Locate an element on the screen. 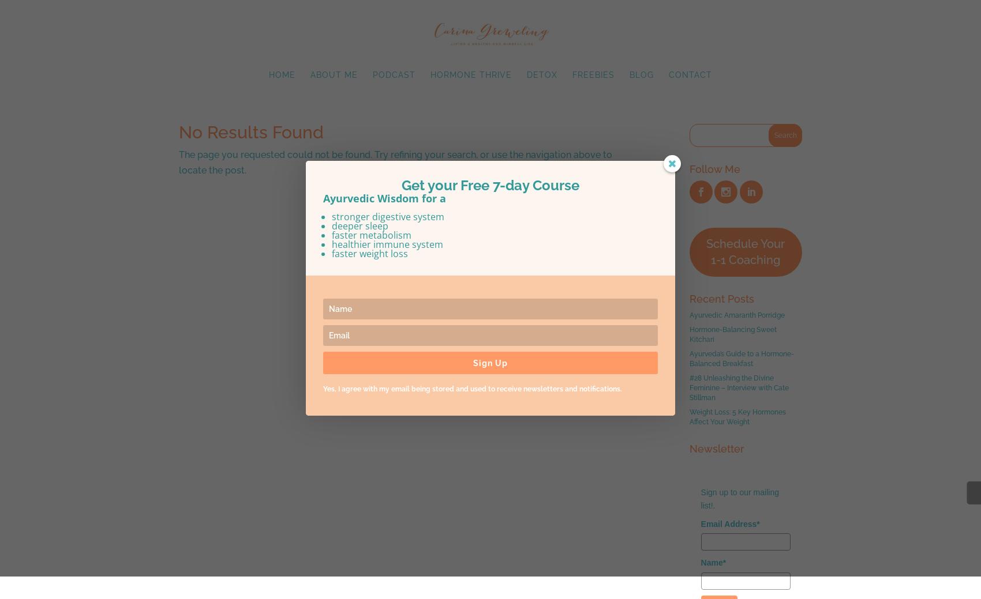 This screenshot has width=981, height=599. 'Hormone-Balancing Sweet Kitchari' is located at coordinates (732, 334).